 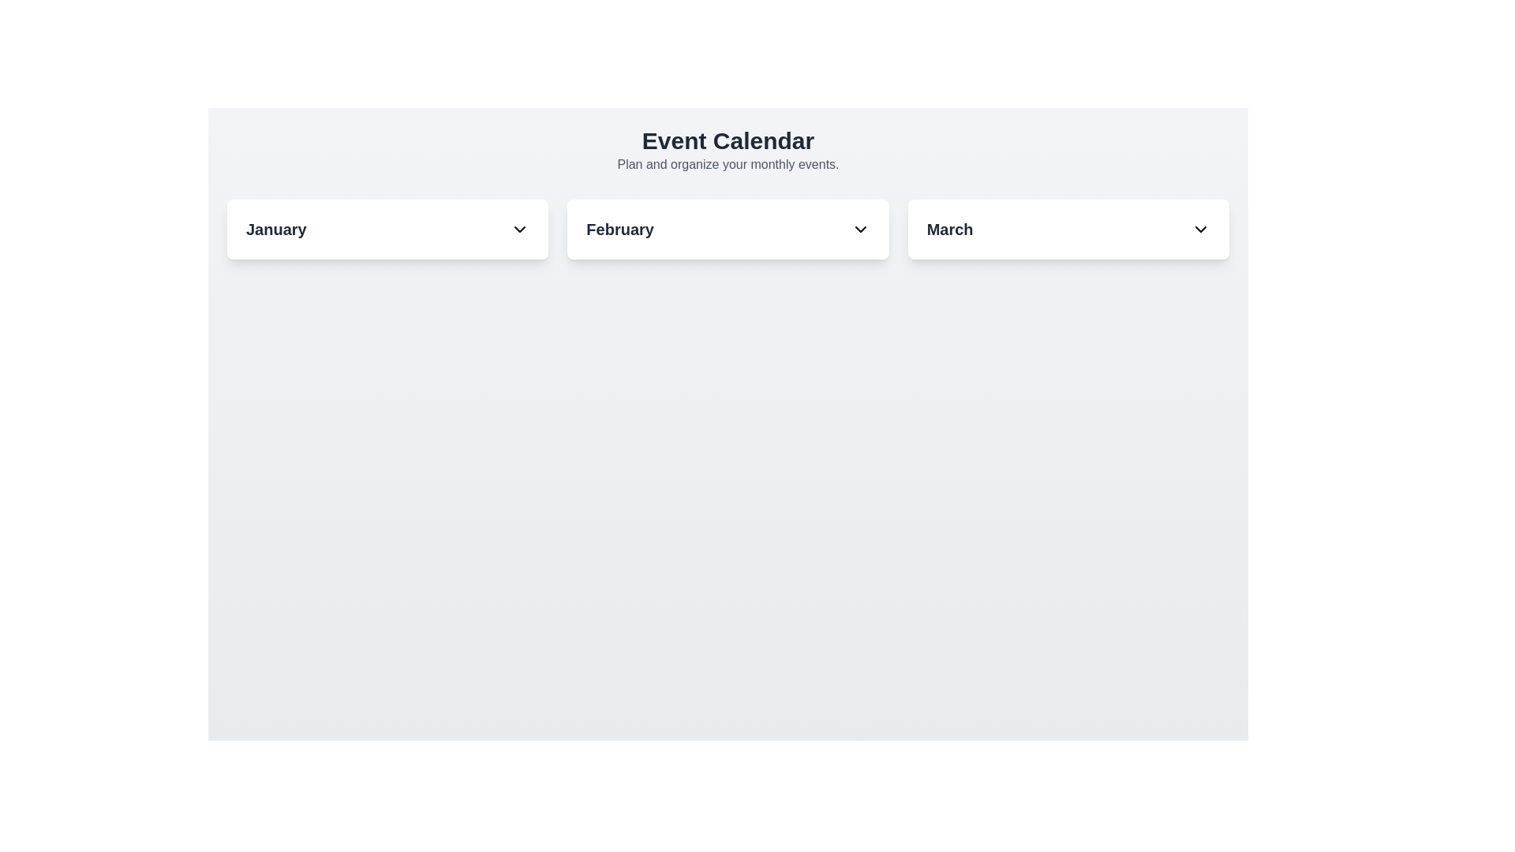 What do you see at coordinates (619, 229) in the screenshot?
I see `the text label indicating the currently selected month, which is positioned between the labels for 'January' and 'March'` at bounding box center [619, 229].